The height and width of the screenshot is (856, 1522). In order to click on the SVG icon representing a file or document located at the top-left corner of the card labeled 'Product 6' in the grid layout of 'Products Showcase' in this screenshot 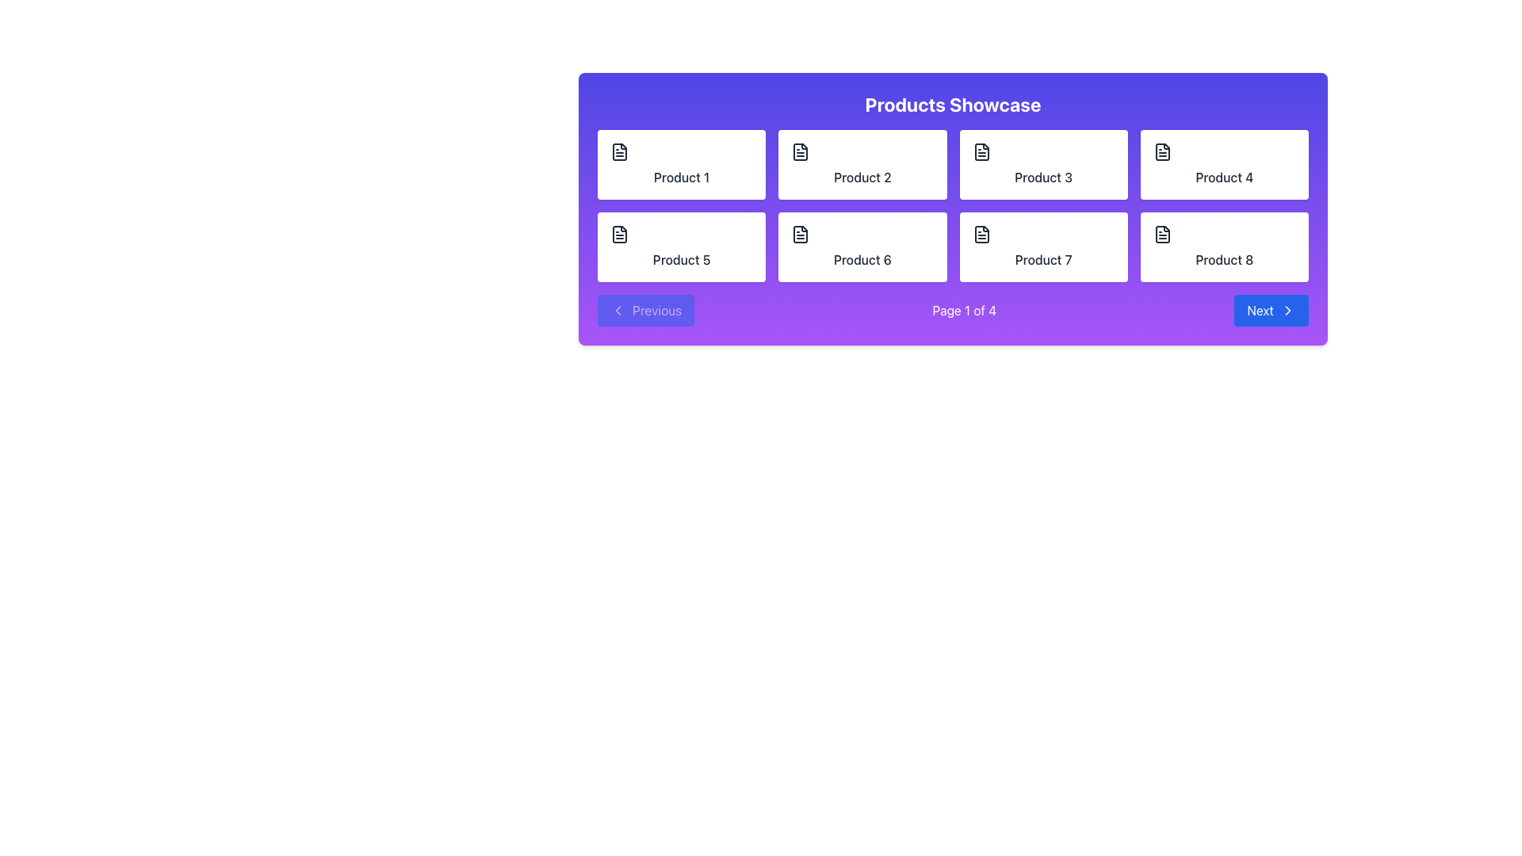, I will do `click(801, 235)`.